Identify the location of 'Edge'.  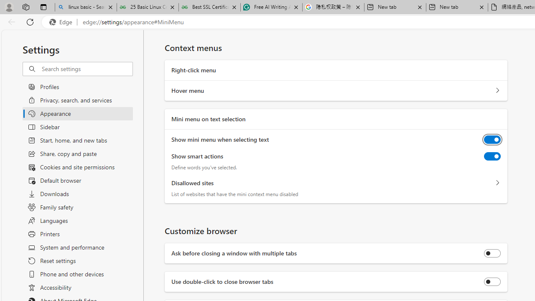
(62, 22).